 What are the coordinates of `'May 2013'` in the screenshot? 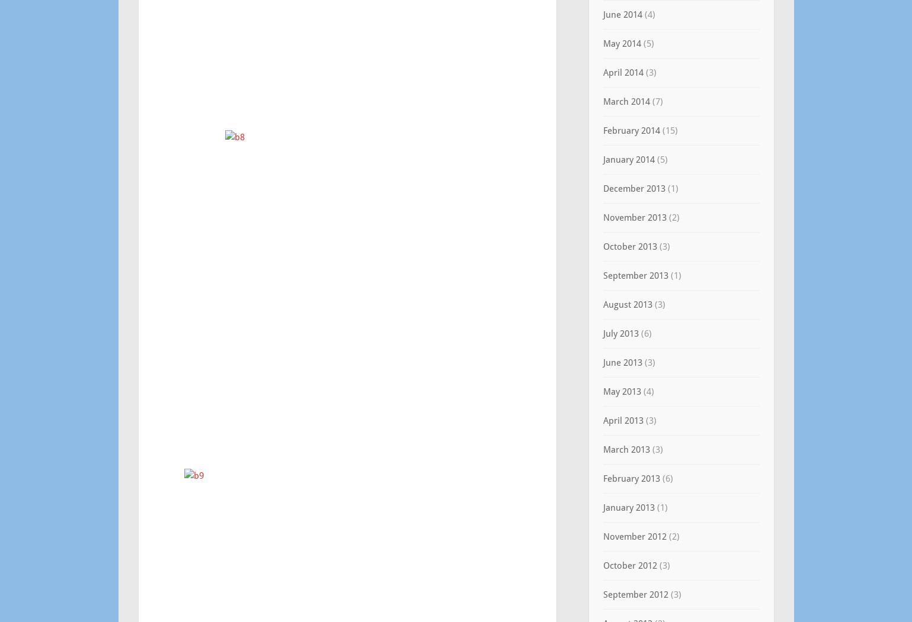 It's located at (620, 392).